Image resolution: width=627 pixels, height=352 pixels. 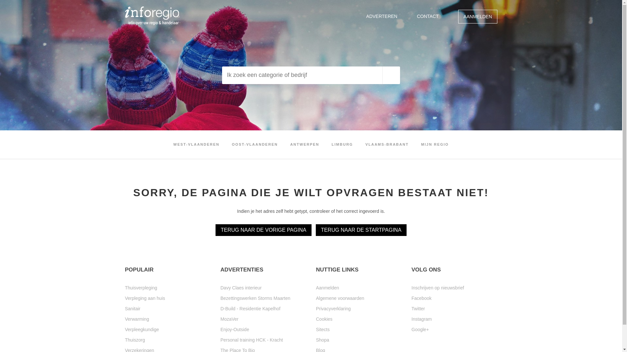 I want to click on 'ADVERTEREN', so click(x=381, y=16).